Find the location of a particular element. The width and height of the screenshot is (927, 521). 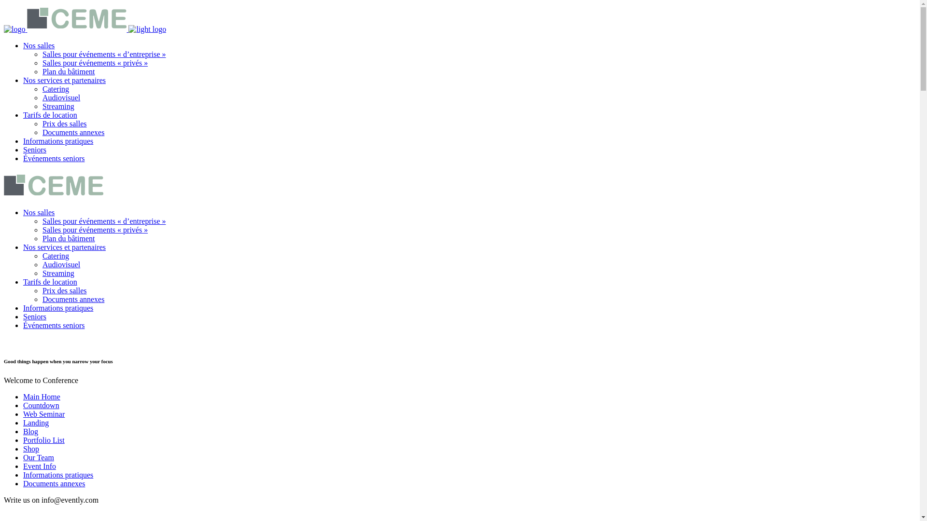

'Seniors' is located at coordinates (35, 150).